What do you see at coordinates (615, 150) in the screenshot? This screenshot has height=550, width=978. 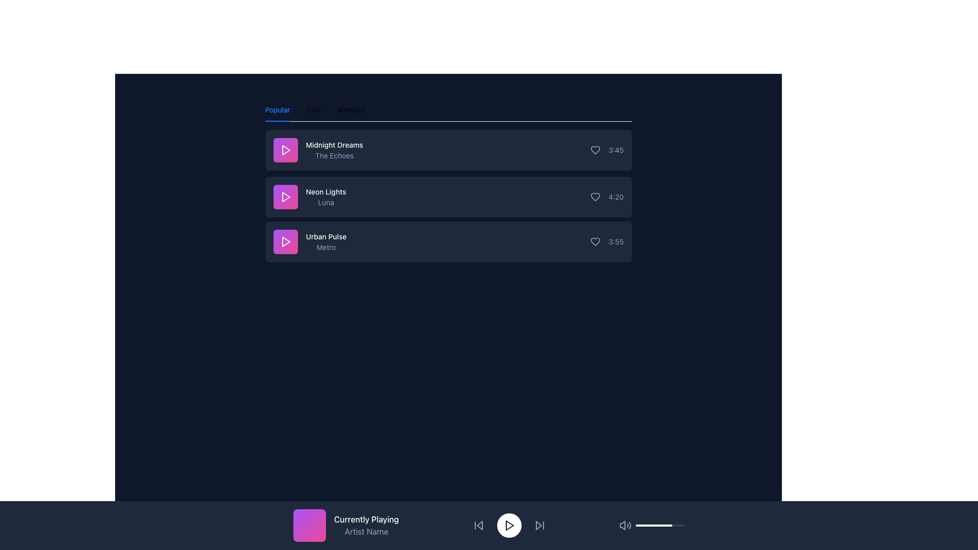 I see `the static text label displaying the time '3:45', which is styled in slate gray and positioned to the far right of a heart-shaped icon in a playlist interface` at bounding box center [615, 150].